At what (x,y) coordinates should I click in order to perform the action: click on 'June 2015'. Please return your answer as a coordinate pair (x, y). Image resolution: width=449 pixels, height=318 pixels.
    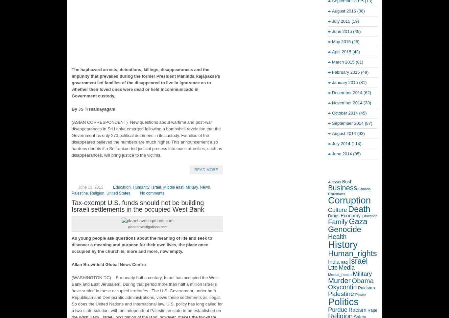
    Looking at the image, I should click on (341, 31).